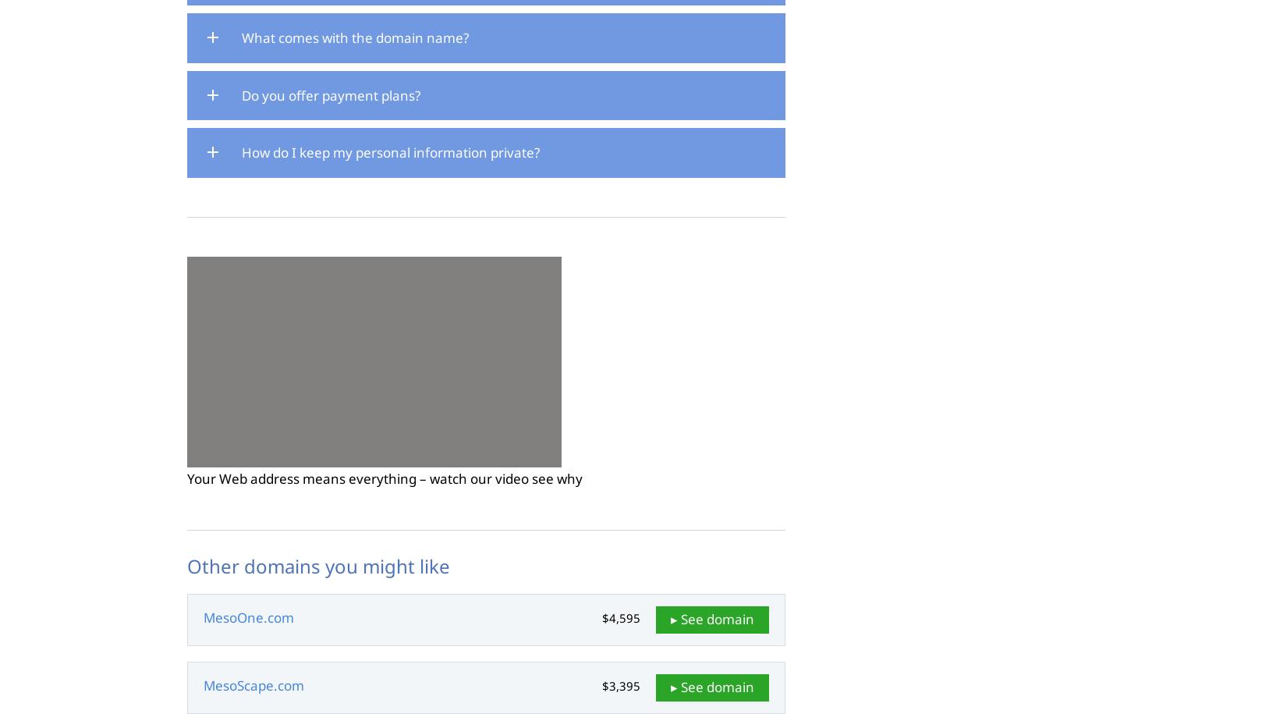 The height and width of the screenshot is (714, 1287). I want to click on '$4,595', so click(601, 617).